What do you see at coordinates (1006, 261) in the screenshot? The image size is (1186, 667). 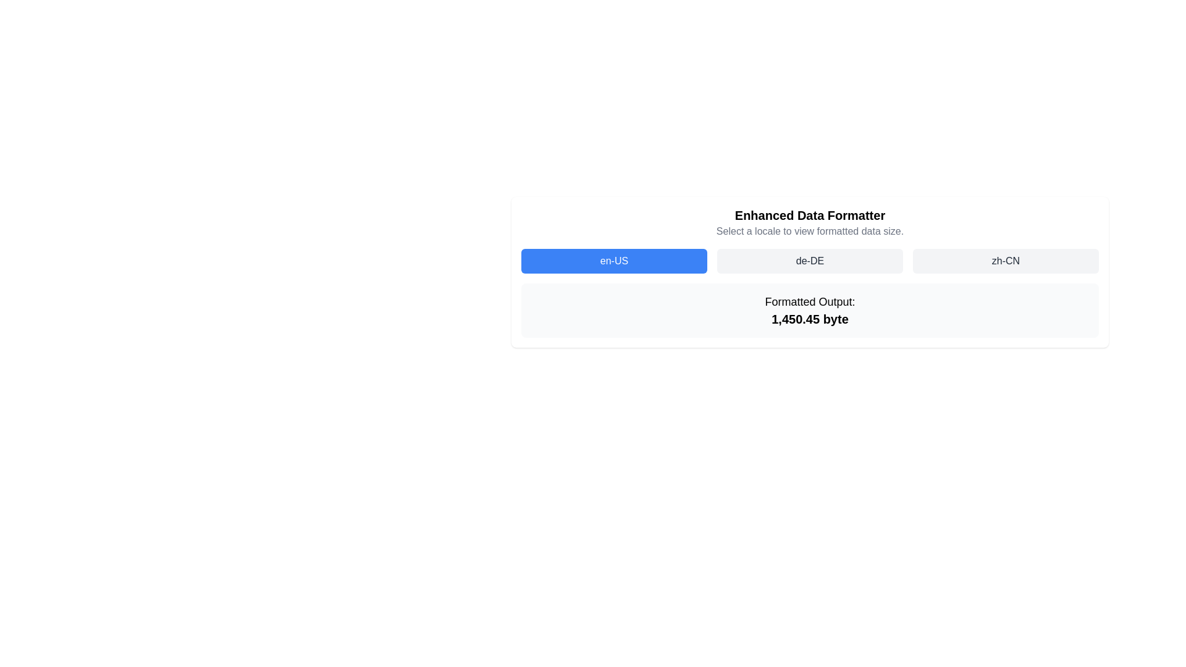 I see `the locale selection button for 'zh-CN', which is the rightmost button in a row of three buttons` at bounding box center [1006, 261].